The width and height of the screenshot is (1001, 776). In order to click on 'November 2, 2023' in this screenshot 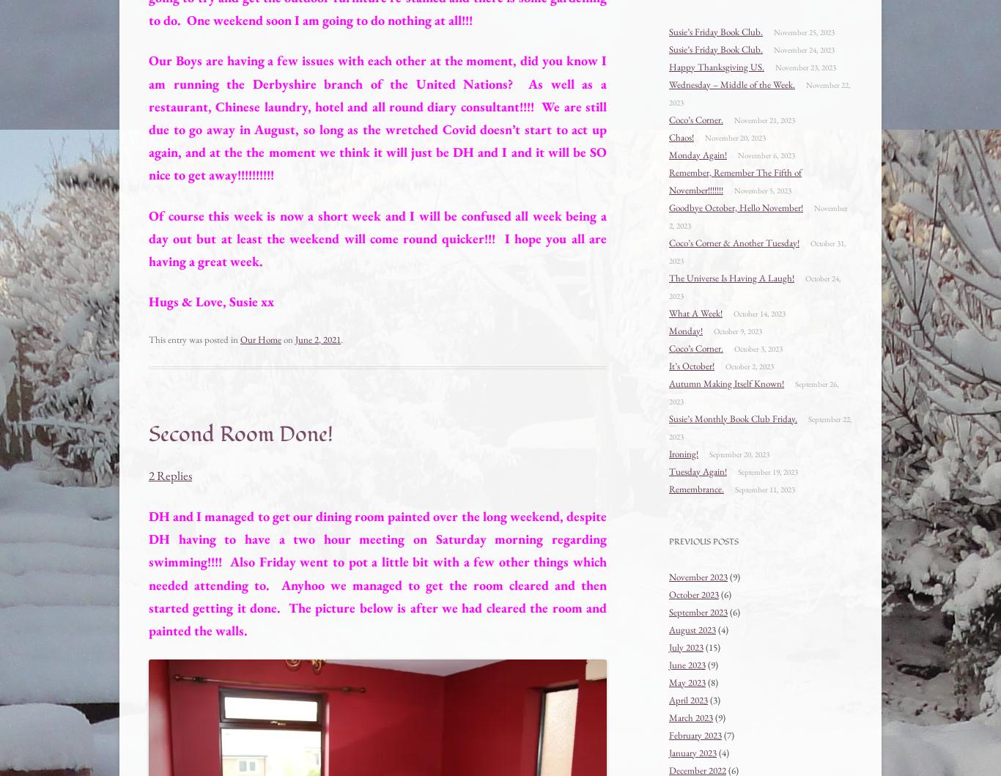, I will do `click(669, 216)`.